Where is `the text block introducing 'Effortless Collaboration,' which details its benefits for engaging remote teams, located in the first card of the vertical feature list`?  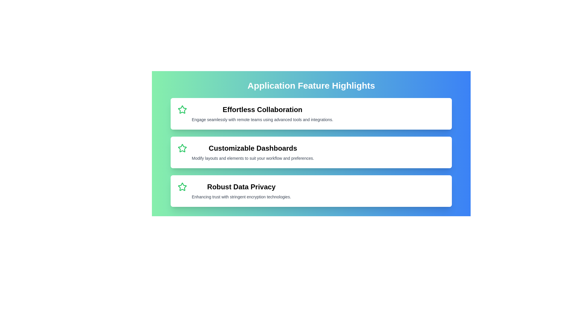
the text block introducing 'Effortless Collaboration,' which details its benefits for engaging remote teams, located in the first card of the vertical feature list is located at coordinates (262, 114).